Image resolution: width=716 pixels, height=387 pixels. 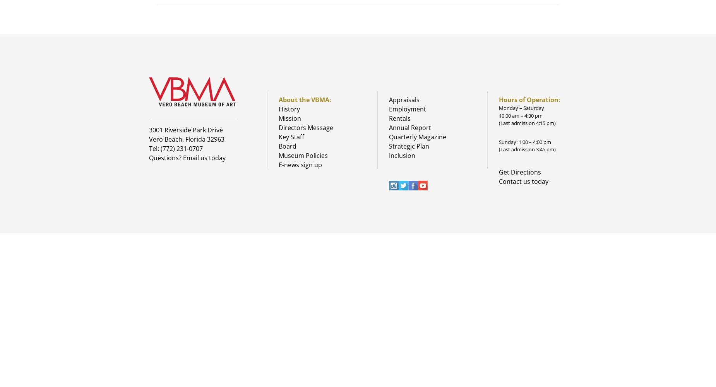 What do you see at coordinates (498, 181) in the screenshot?
I see `'Contact us today'` at bounding box center [498, 181].